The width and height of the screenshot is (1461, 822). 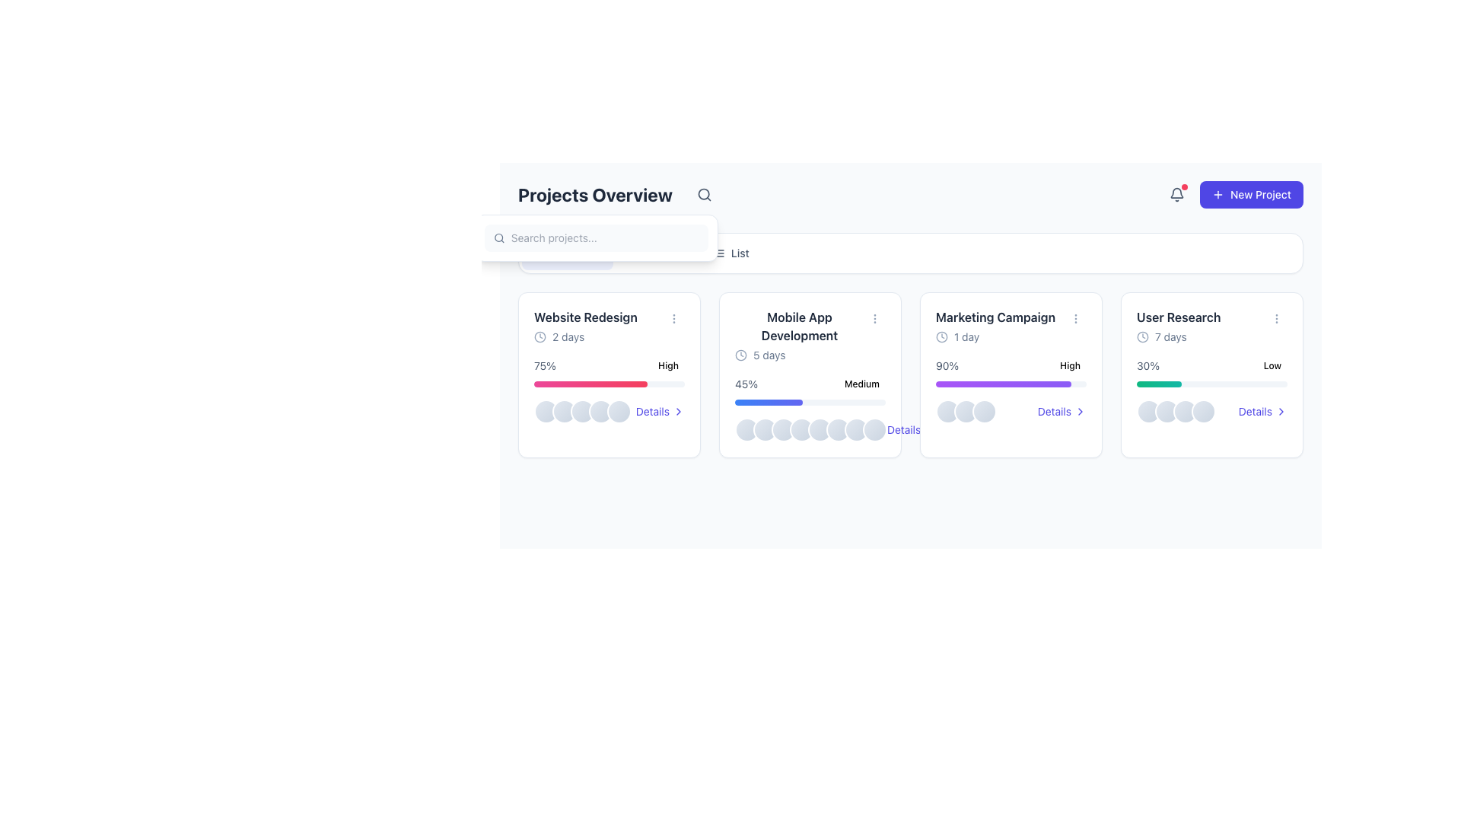 I want to click on the filled portion of the progress bar segment, which is a horizontally elongated gradient bar indicating 75% completion under the 'Website Redesign' card in the project overview grid, so click(x=590, y=384).